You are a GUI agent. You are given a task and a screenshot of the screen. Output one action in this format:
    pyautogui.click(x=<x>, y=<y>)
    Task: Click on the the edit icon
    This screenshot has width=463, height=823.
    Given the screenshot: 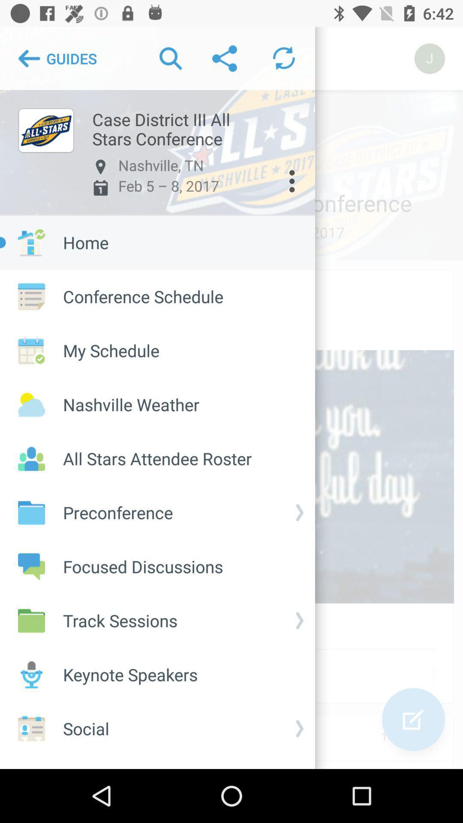 What is the action you would take?
    pyautogui.click(x=413, y=719)
    